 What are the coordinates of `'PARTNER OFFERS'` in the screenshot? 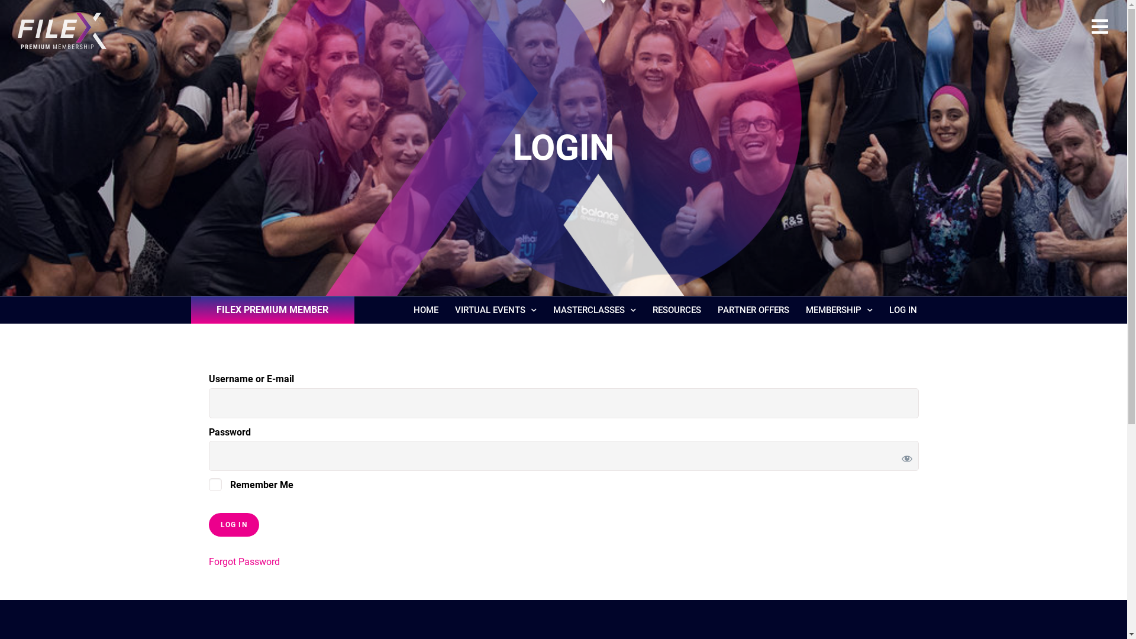 It's located at (753, 309).